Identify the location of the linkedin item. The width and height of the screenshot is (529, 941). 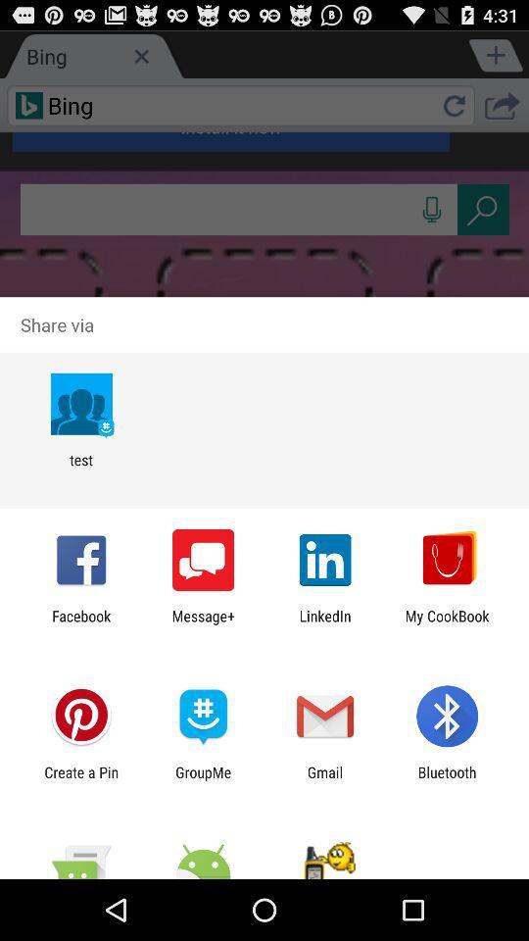
(325, 623).